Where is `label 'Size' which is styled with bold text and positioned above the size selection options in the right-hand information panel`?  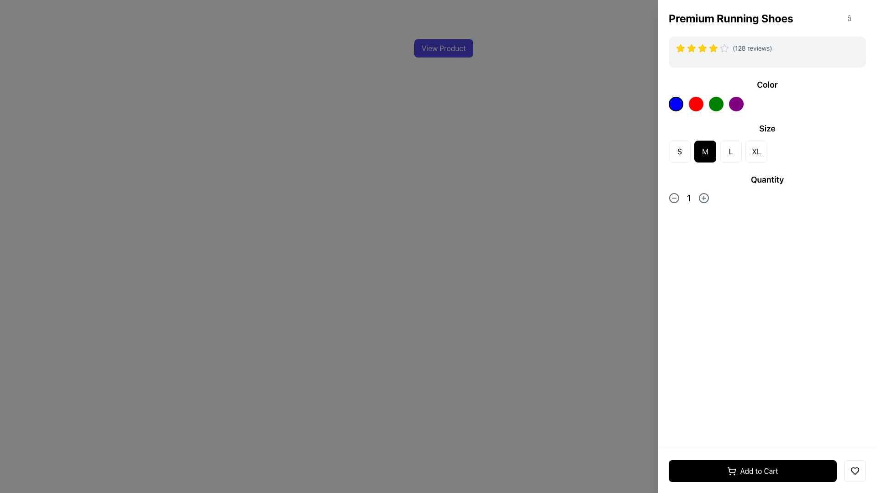
label 'Size' which is styled with bold text and positioned above the size selection options in the right-hand information panel is located at coordinates (767, 128).